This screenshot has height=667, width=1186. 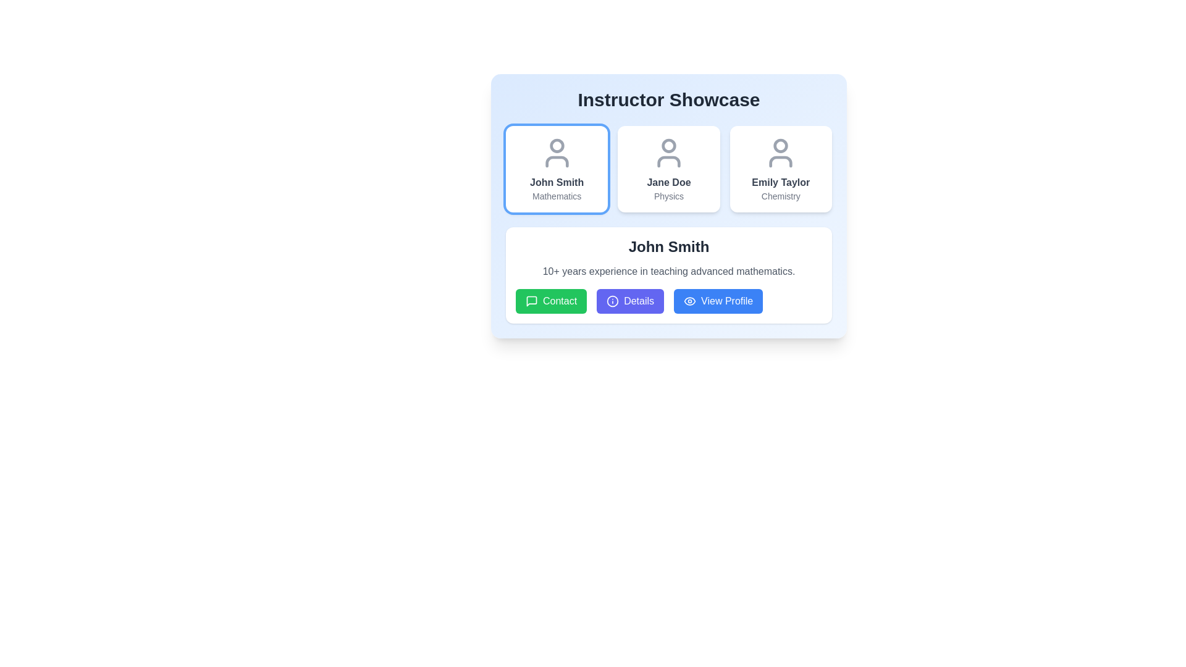 What do you see at coordinates (550, 301) in the screenshot?
I see `the first button located directly below the 'John Smith' section in the 'Instructor Showcase' panel to initiate contact with the profile owner` at bounding box center [550, 301].